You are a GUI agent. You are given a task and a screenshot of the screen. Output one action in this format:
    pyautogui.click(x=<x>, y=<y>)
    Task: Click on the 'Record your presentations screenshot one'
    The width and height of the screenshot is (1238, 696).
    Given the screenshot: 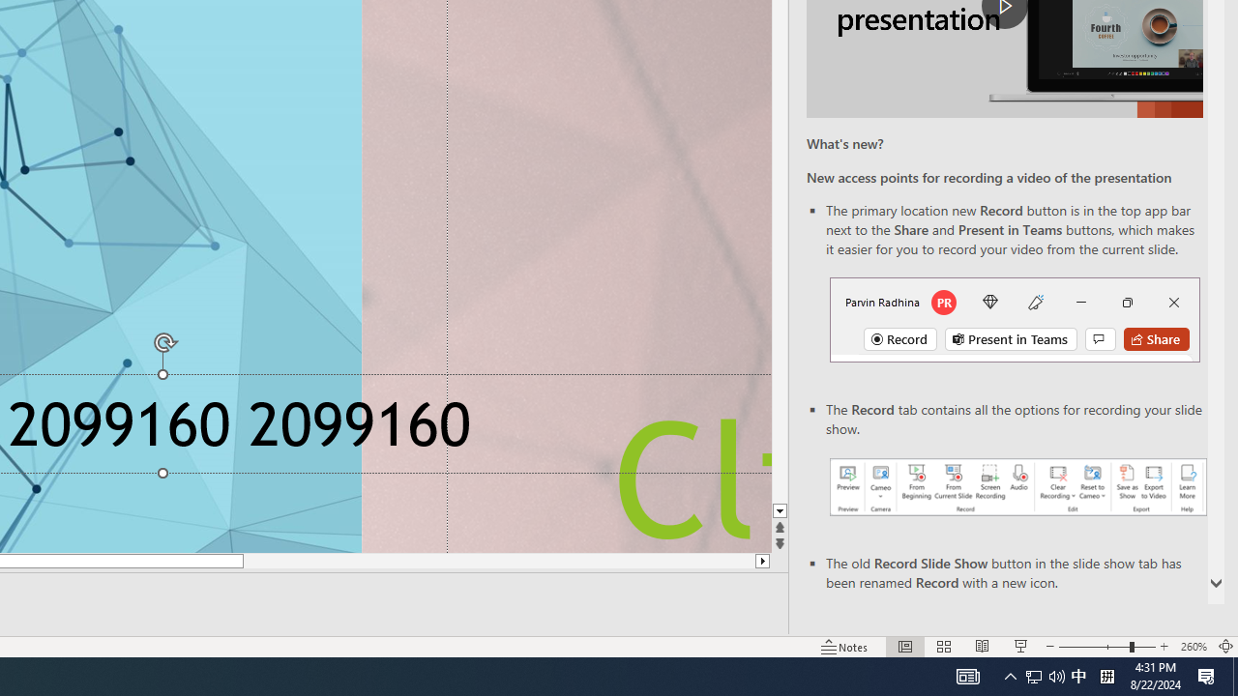 What is the action you would take?
    pyautogui.click(x=1017, y=485)
    